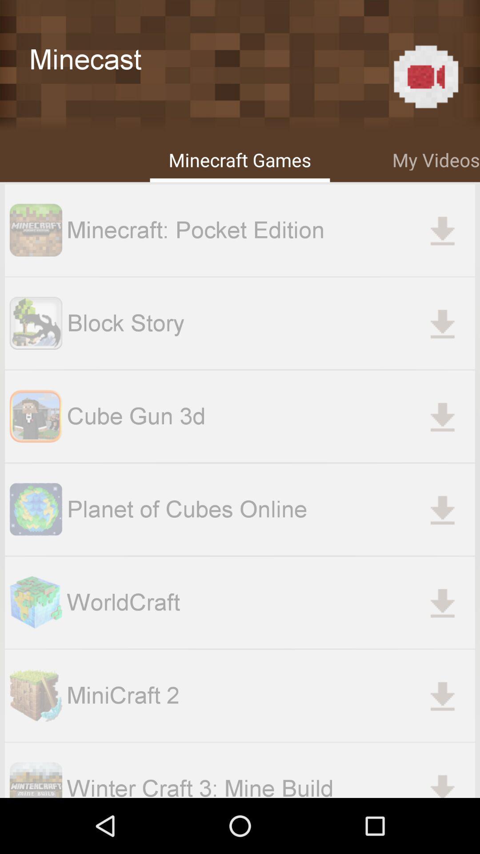 Image resolution: width=480 pixels, height=854 pixels. What do you see at coordinates (436, 158) in the screenshot?
I see `my videos at the top right corner` at bounding box center [436, 158].